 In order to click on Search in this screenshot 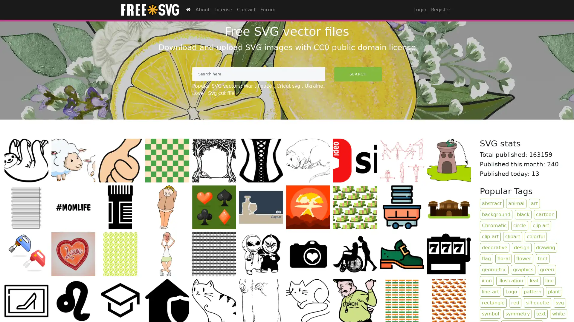, I will do `click(358, 74)`.